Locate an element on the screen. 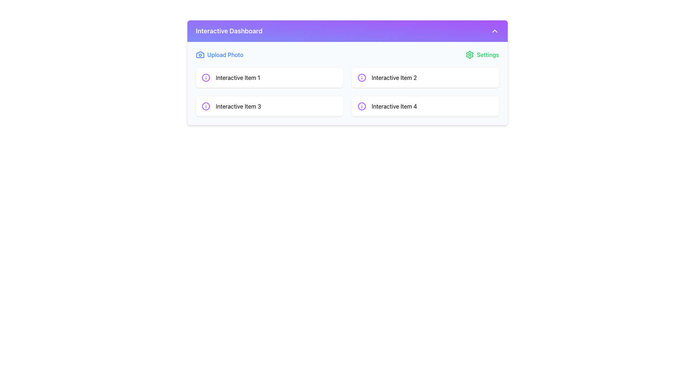  the circular icon element with a purple border located in the 'Interactive Item 3' section is located at coordinates (205, 77).